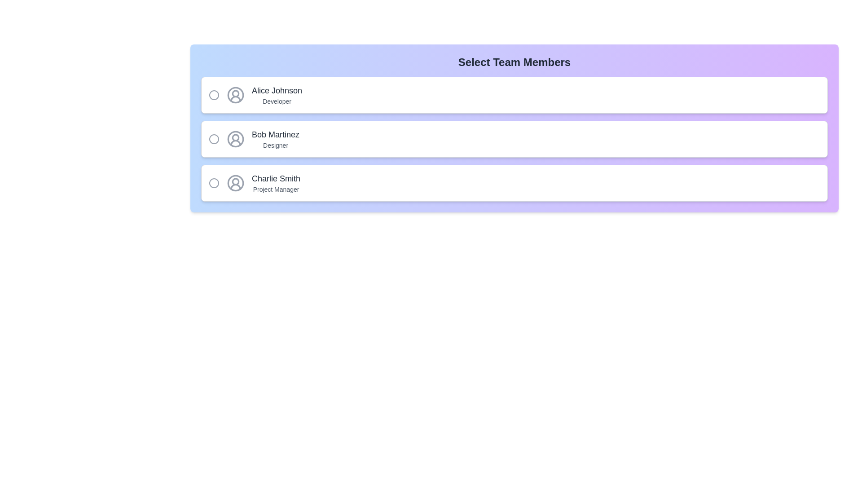  I want to click on the circular hollow graphical element associated with 'Charlie Smith - Project Manager' to indicate an unselected or inactive state, so click(213, 183).